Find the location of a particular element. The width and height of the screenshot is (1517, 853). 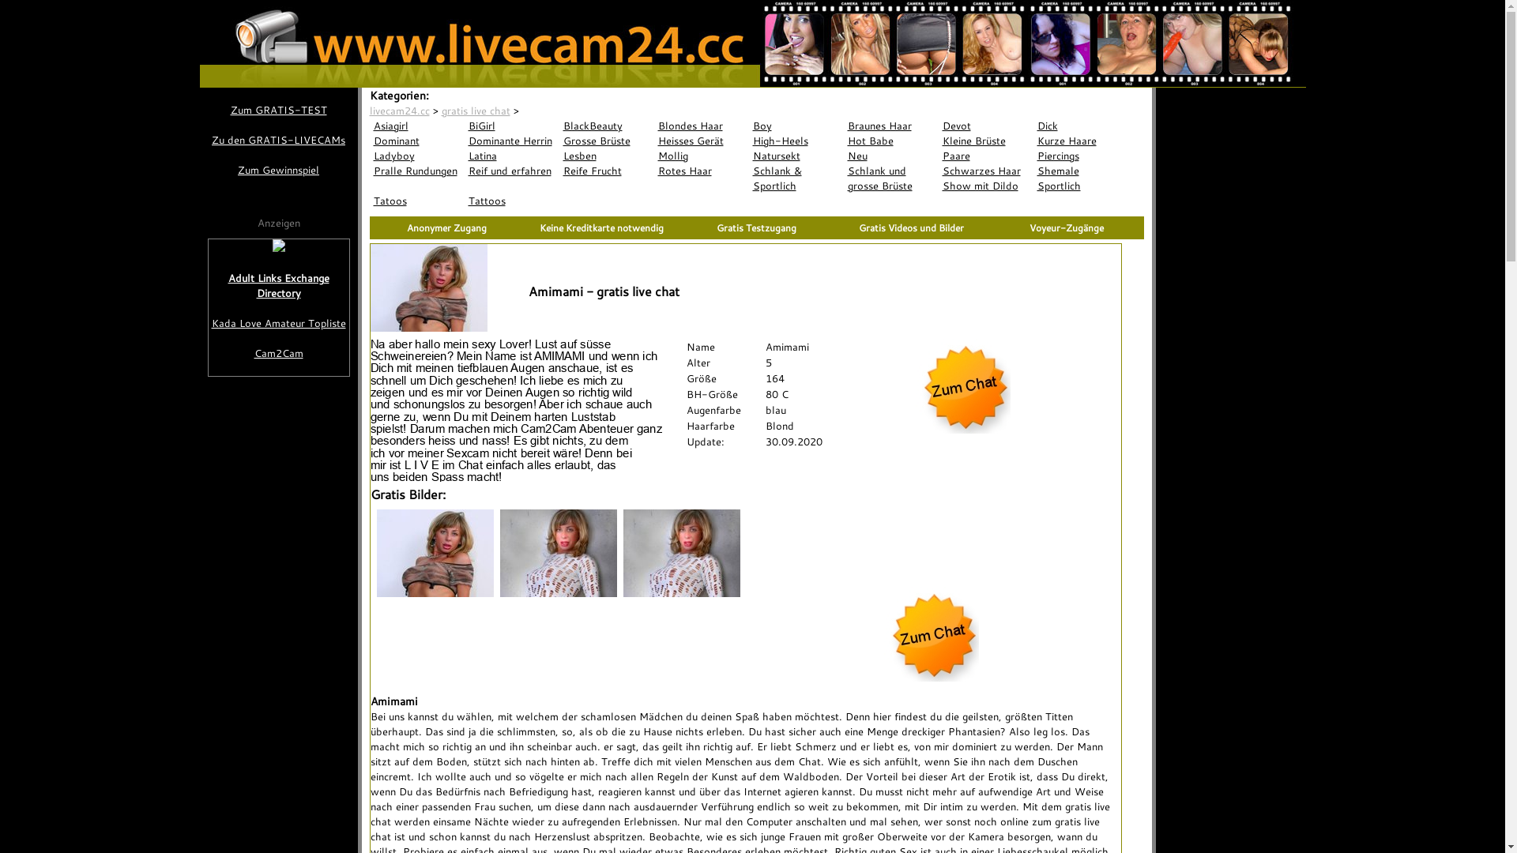

'Zum Gewinnspiel' is located at coordinates (277, 170).